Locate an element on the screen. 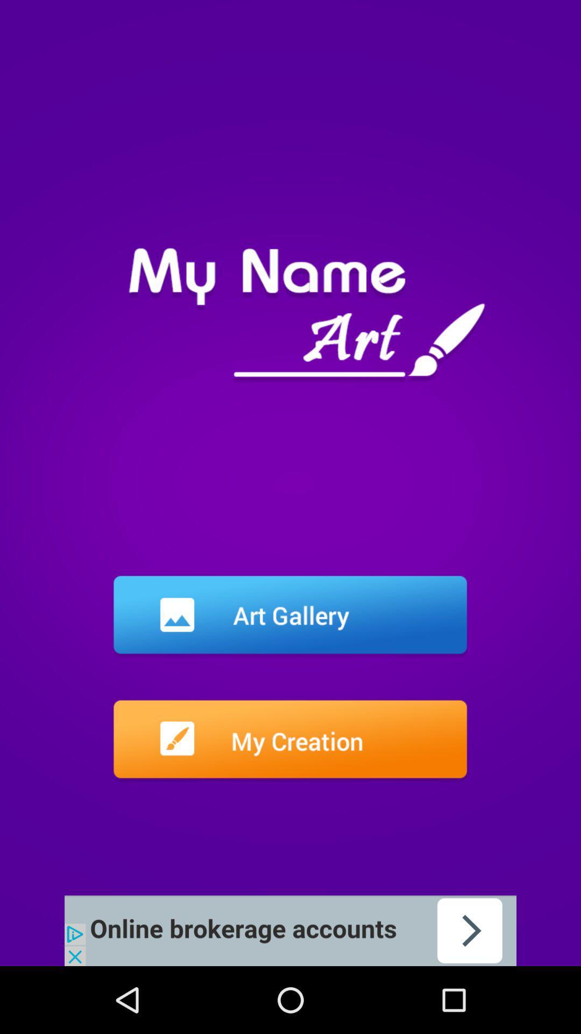 The image size is (581, 1034). into the file is located at coordinates (289, 740).